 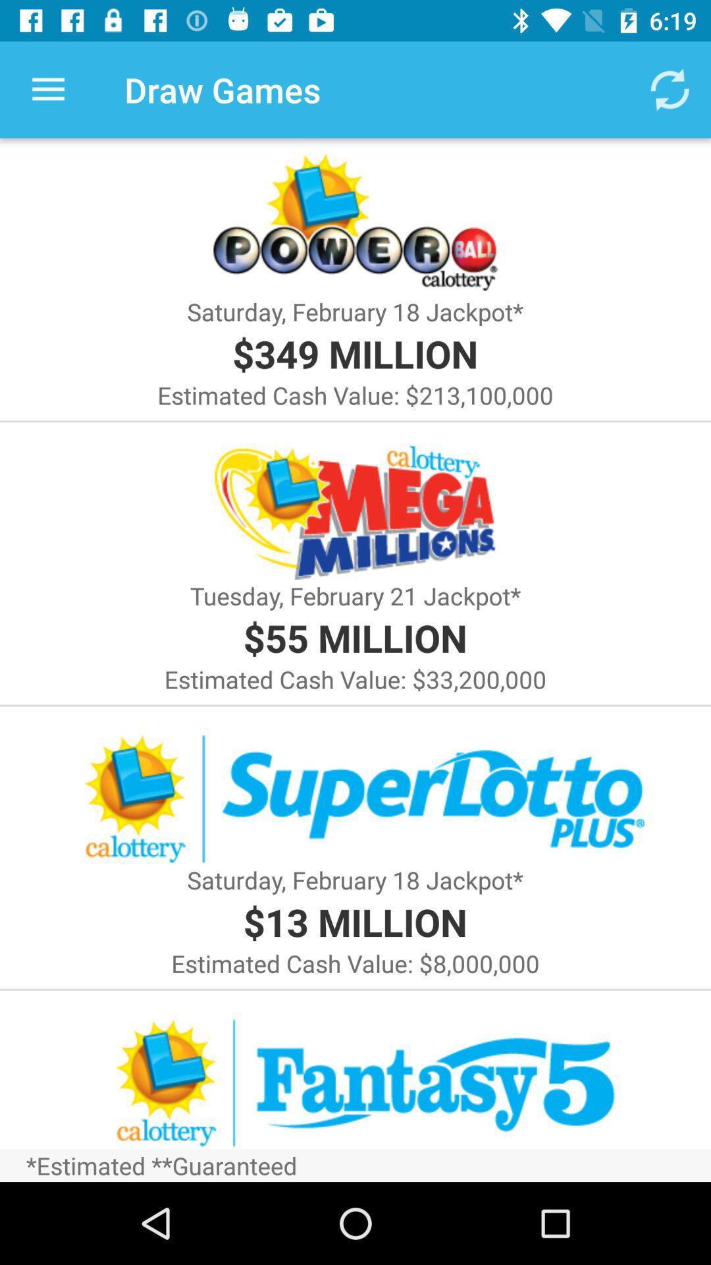 What do you see at coordinates (354, 637) in the screenshot?
I see `item below the tuesday february 21 icon` at bounding box center [354, 637].